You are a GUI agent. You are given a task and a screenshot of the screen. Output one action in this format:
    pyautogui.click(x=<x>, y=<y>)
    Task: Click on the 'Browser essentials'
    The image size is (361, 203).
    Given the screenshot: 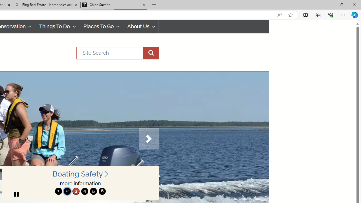 What is the action you would take?
    pyautogui.click(x=330, y=14)
    